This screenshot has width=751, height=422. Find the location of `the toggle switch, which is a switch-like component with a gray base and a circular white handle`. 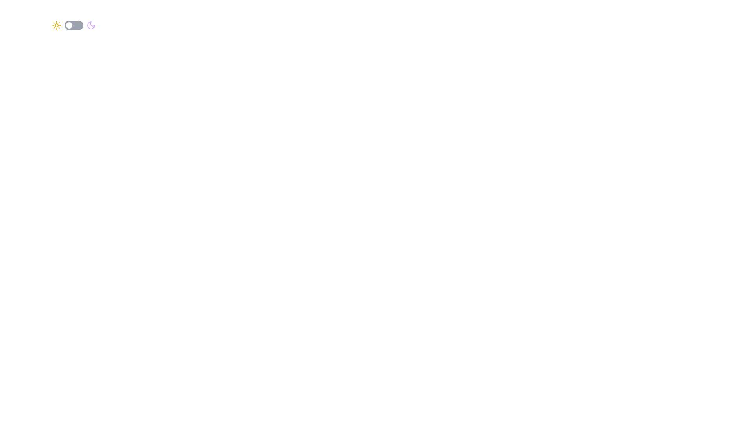

the toggle switch, which is a switch-like component with a gray base and a circular white handle is located at coordinates (74, 25).